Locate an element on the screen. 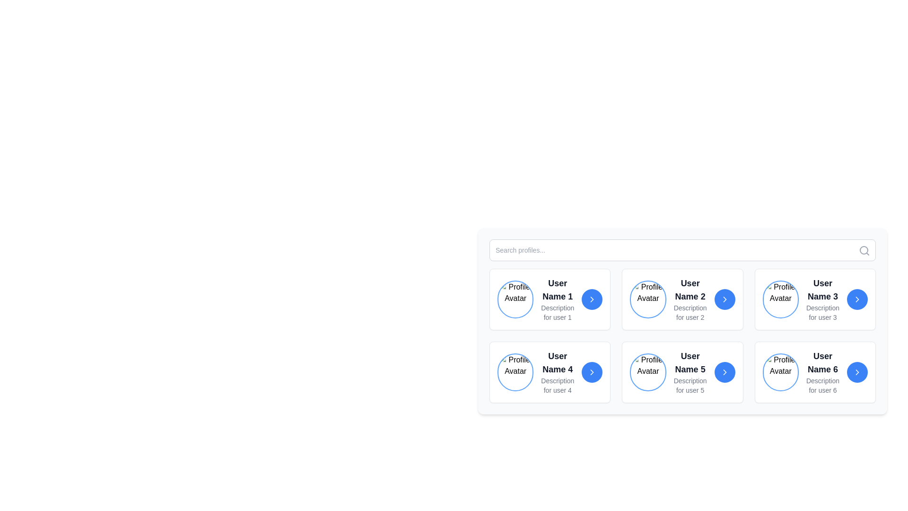  the Text Display containing 'User Name 3' and 'Description for user 3', located to the right of the profile avatar is located at coordinates (822, 299).